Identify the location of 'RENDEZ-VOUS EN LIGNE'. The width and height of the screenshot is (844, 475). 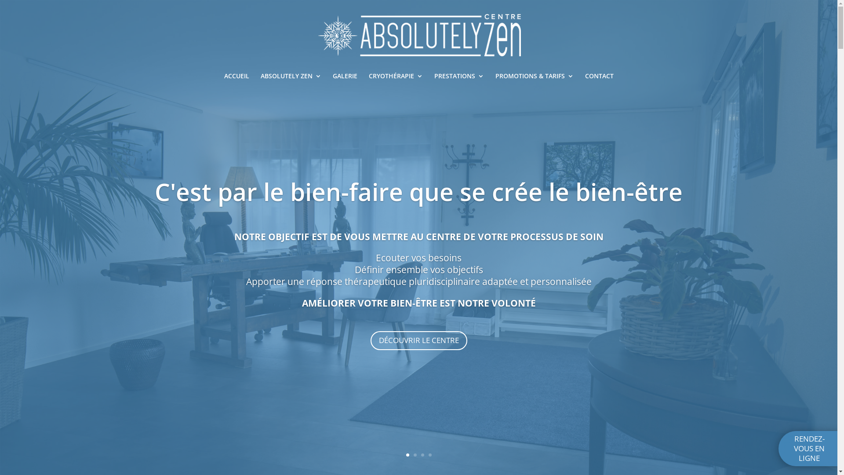
(779, 448).